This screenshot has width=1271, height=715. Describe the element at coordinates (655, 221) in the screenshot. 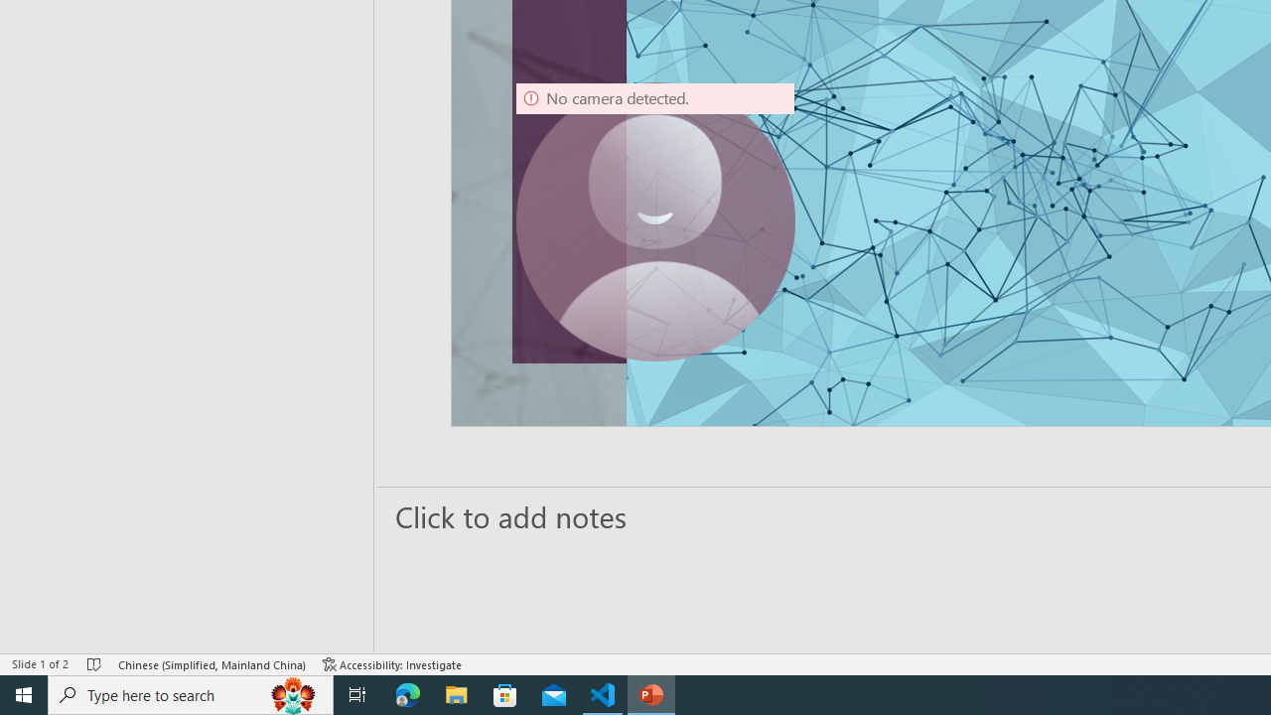

I see `'Camera 9, No camera detected.'` at that location.